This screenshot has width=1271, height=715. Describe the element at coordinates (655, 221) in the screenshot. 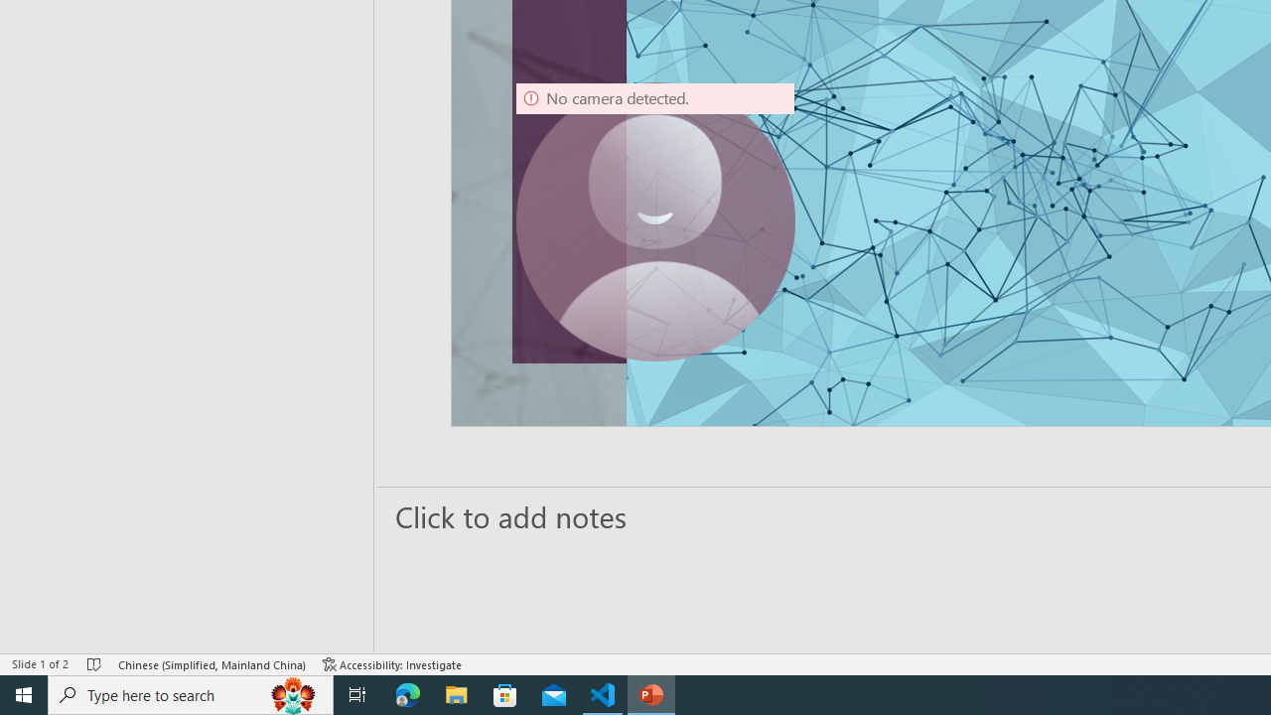

I see `'Camera 9, No camera detected.'` at that location.